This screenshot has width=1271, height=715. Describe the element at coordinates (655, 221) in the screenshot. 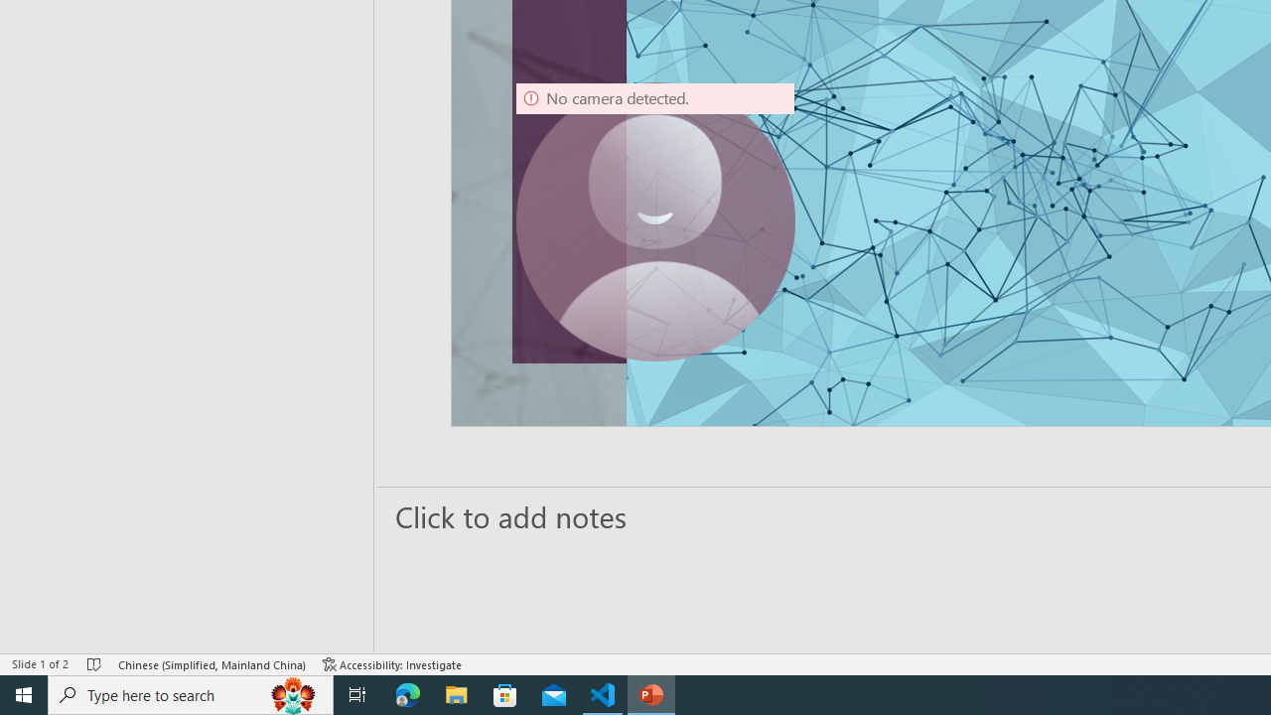

I see `'Camera 9, No camera detected.'` at that location.